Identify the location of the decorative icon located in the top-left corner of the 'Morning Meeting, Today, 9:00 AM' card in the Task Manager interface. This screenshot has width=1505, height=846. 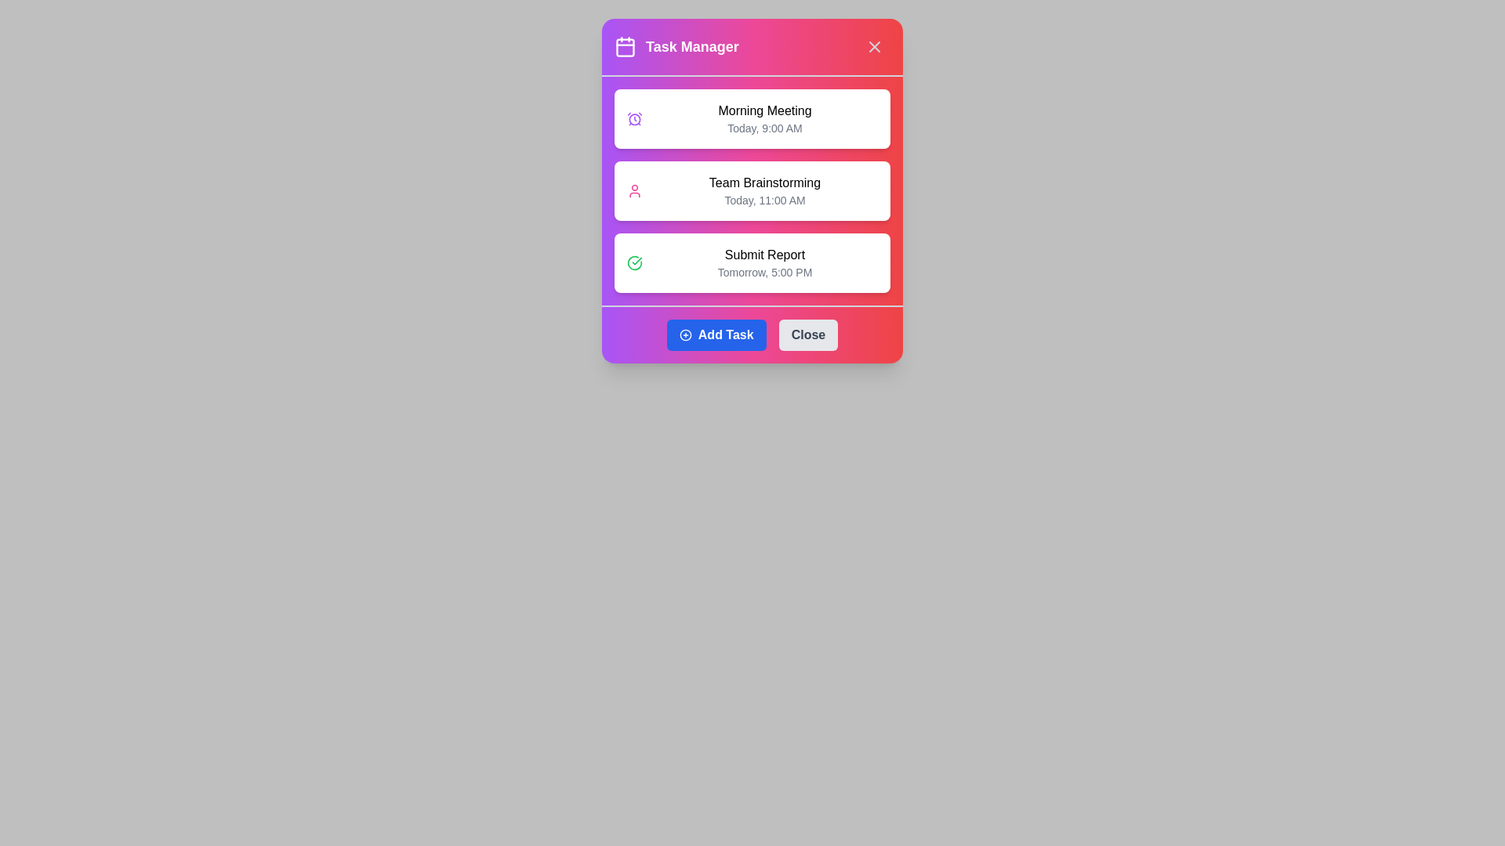
(635, 117).